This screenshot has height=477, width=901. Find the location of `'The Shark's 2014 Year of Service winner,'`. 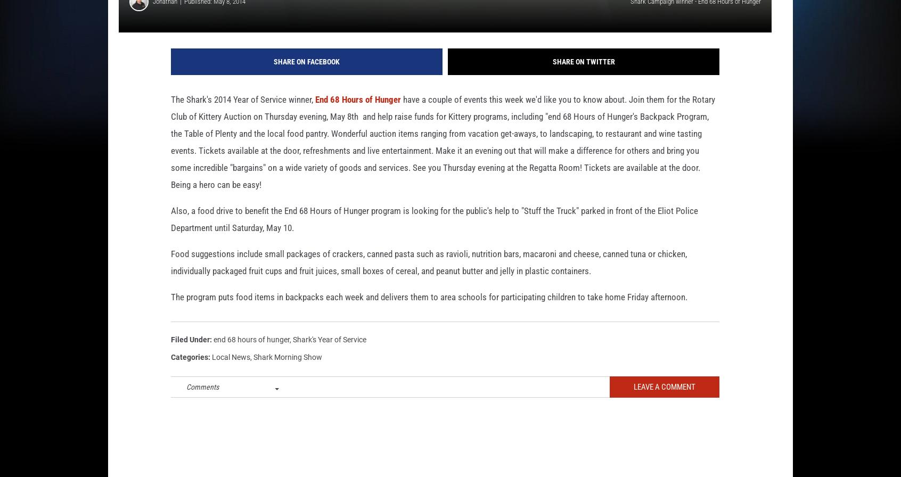

'The Shark's 2014 Year of Service winner,' is located at coordinates (170, 116).